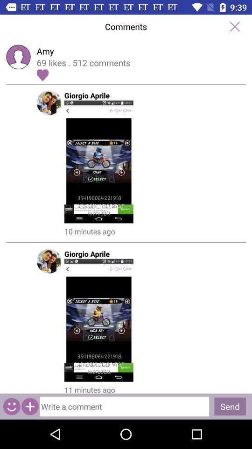 This screenshot has height=449, width=252. What do you see at coordinates (30, 406) in the screenshot?
I see `the add icon` at bounding box center [30, 406].